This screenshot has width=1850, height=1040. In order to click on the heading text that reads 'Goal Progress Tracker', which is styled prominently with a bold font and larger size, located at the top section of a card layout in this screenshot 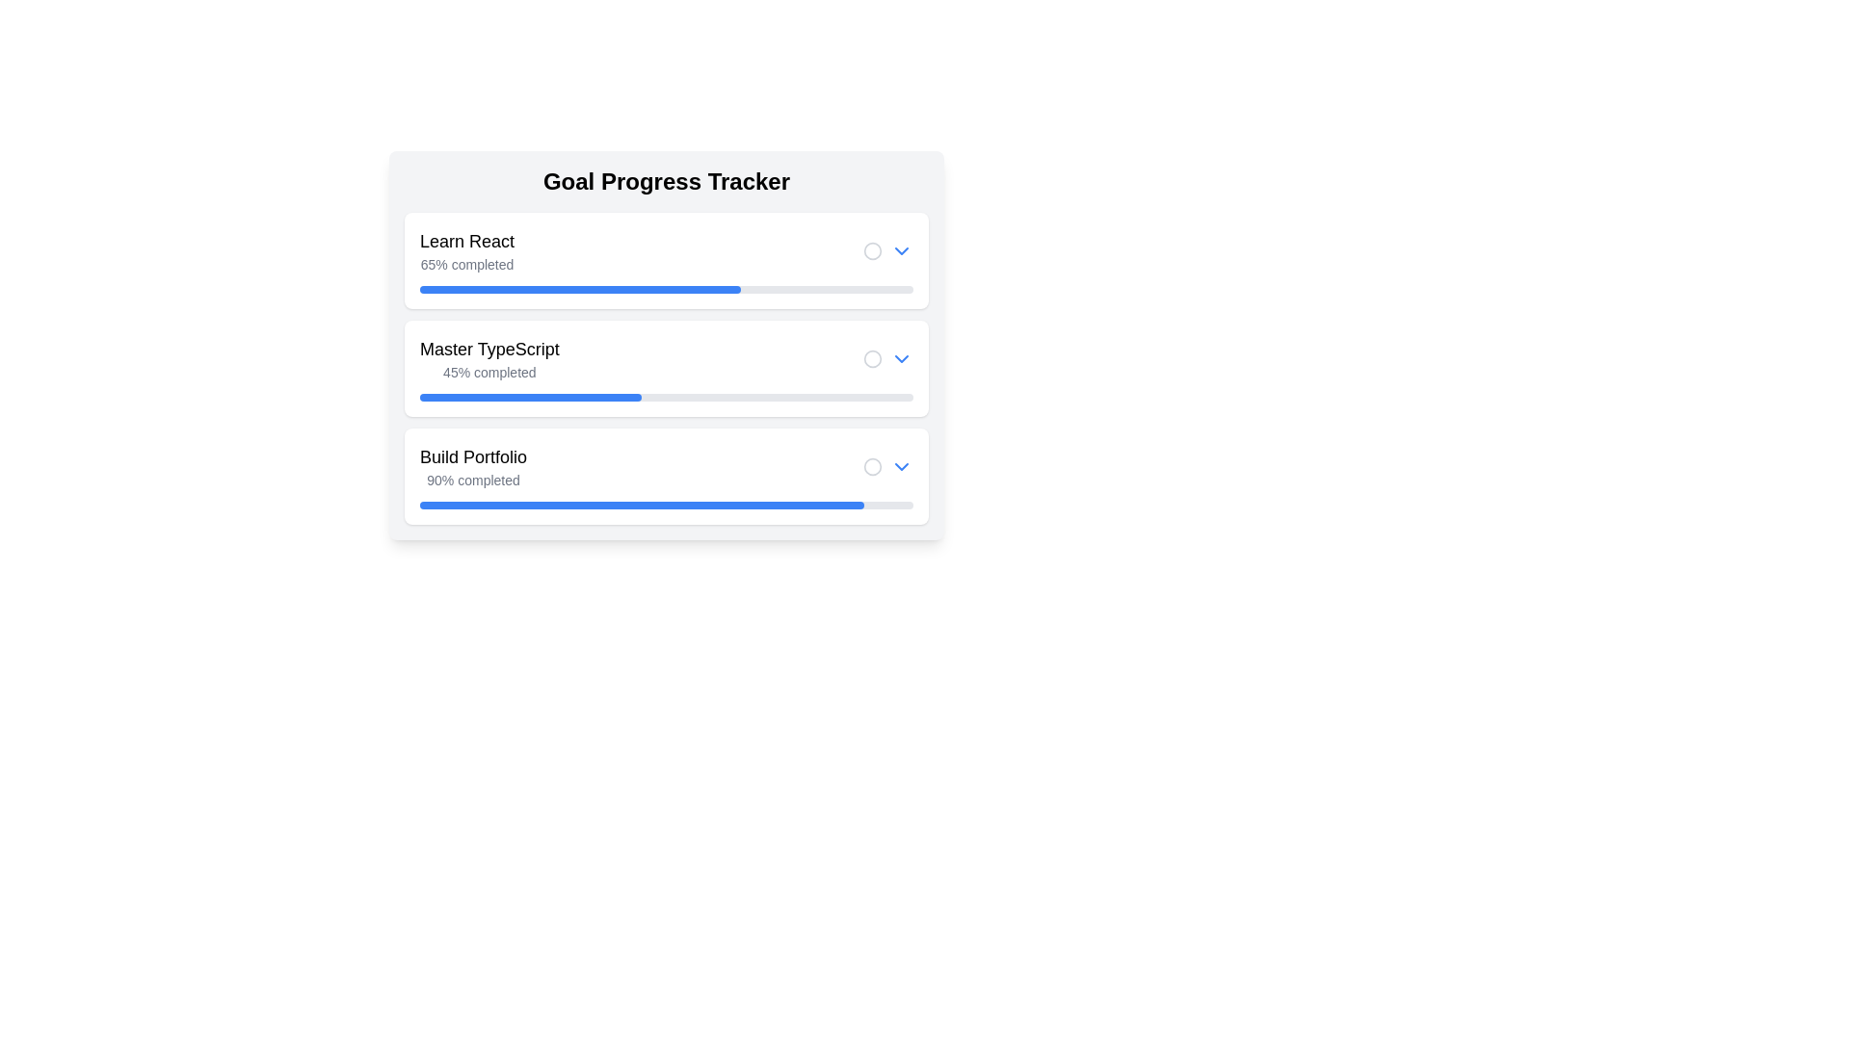, I will do `click(666, 182)`.